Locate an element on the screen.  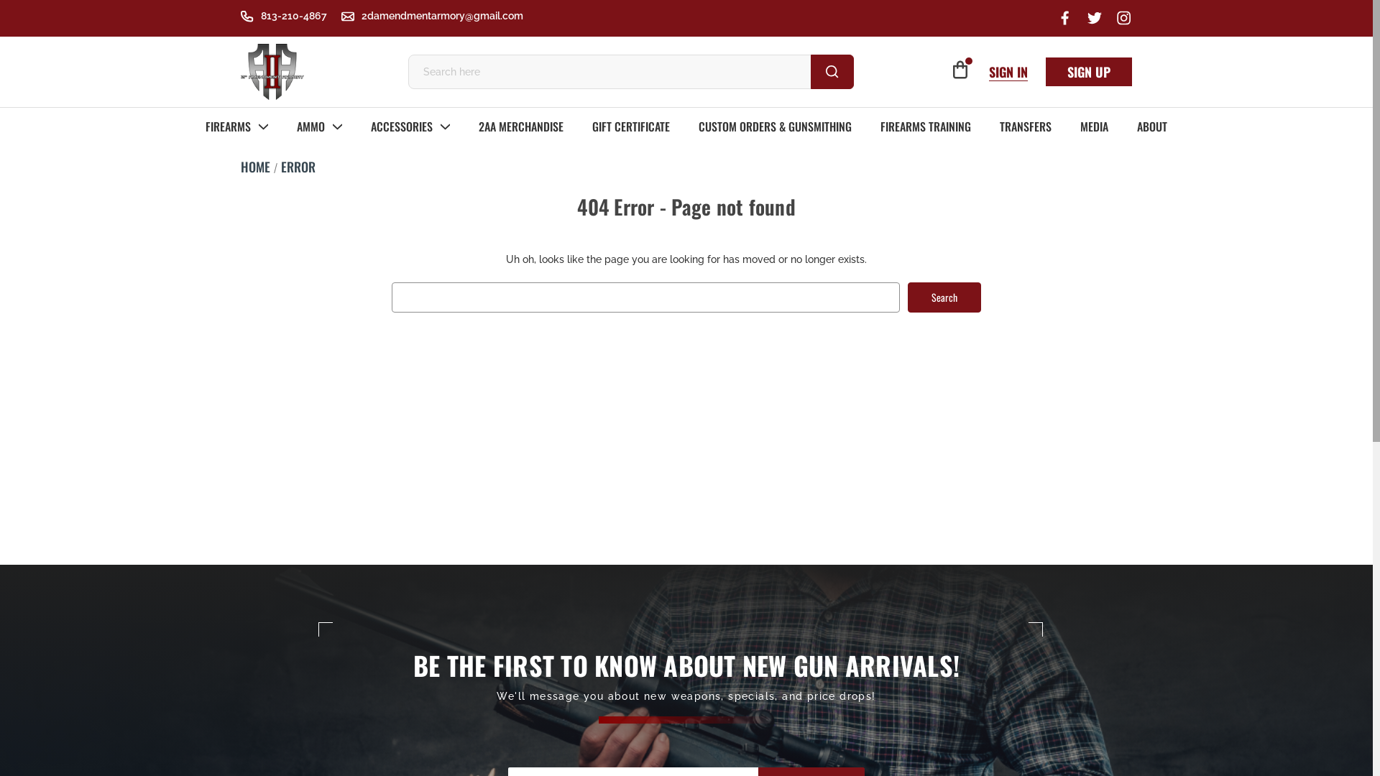
'2damendmentarmory@gmail.com' is located at coordinates (431, 17).